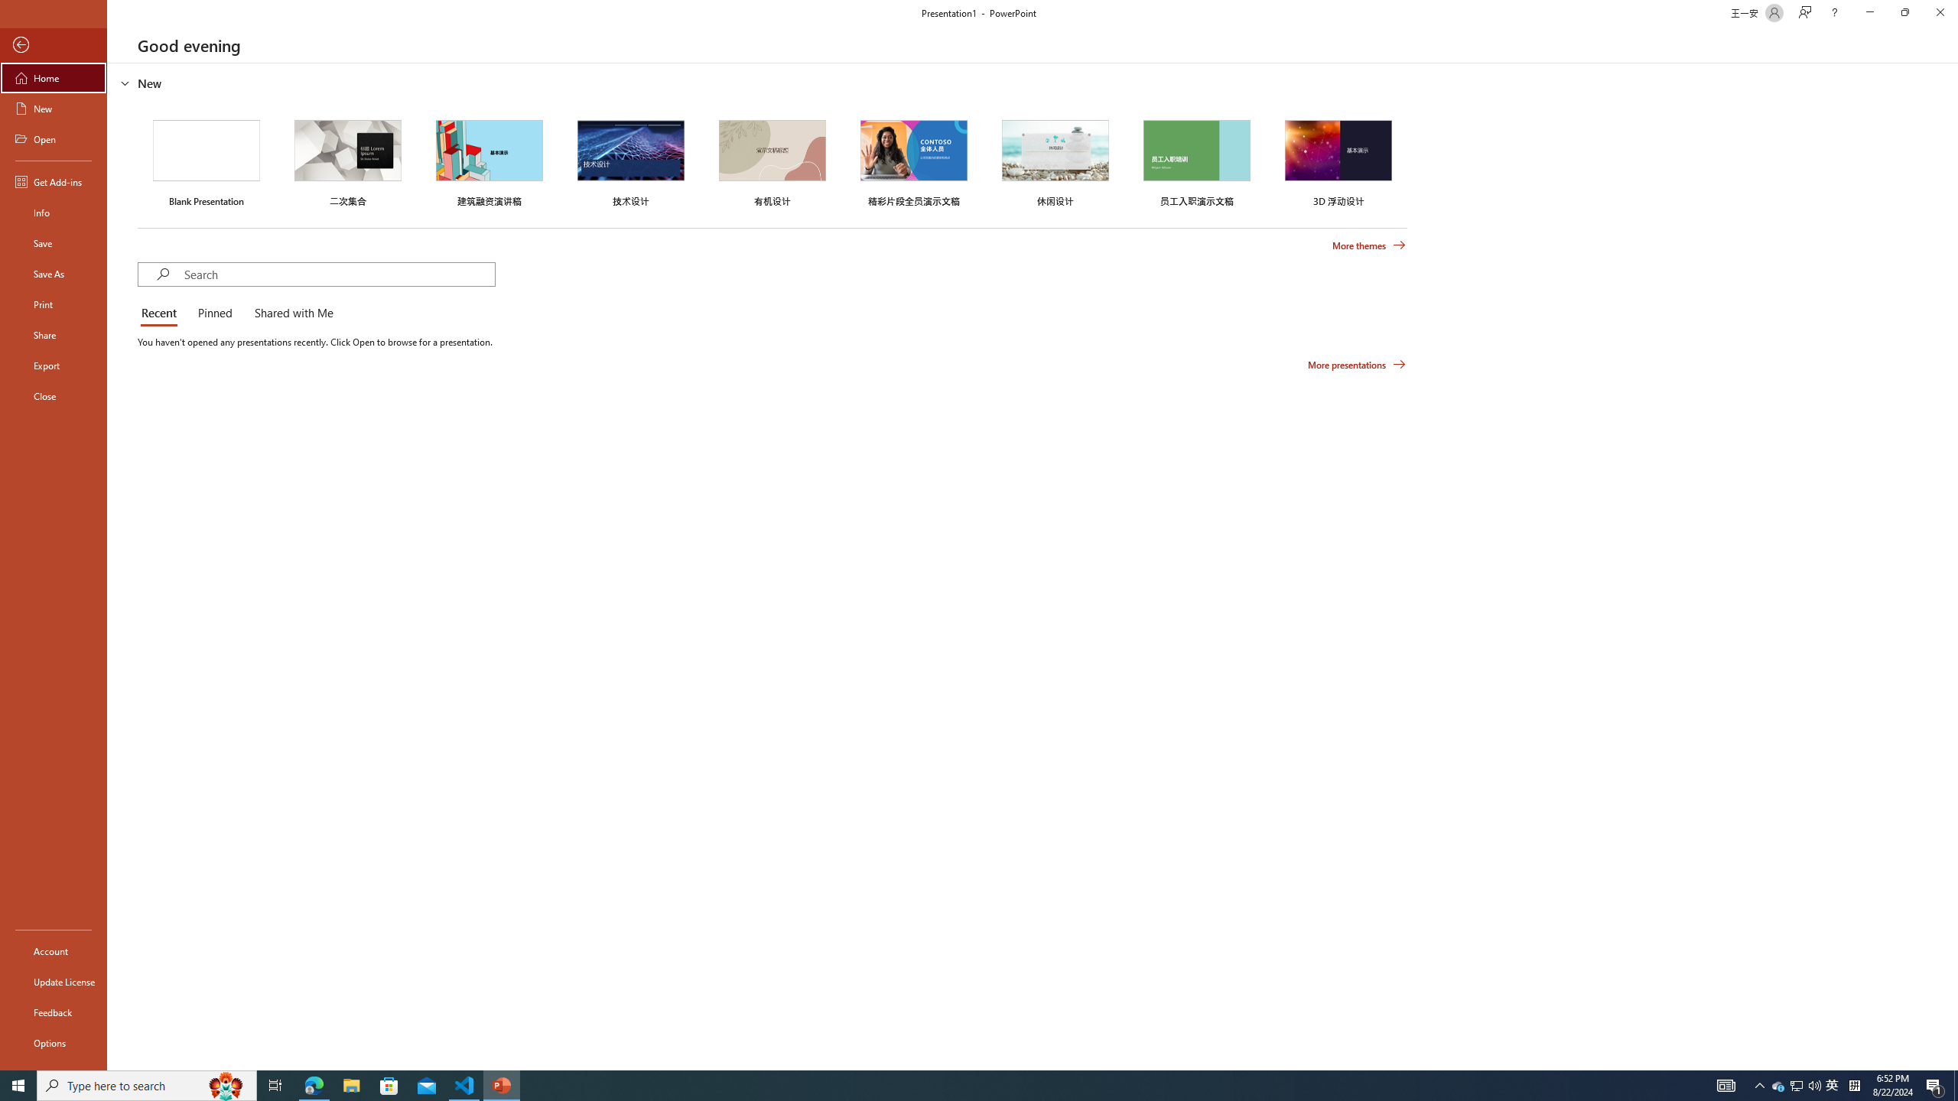 The height and width of the screenshot is (1101, 1958). What do you see at coordinates (53, 272) in the screenshot?
I see `'Save As'` at bounding box center [53, 272].